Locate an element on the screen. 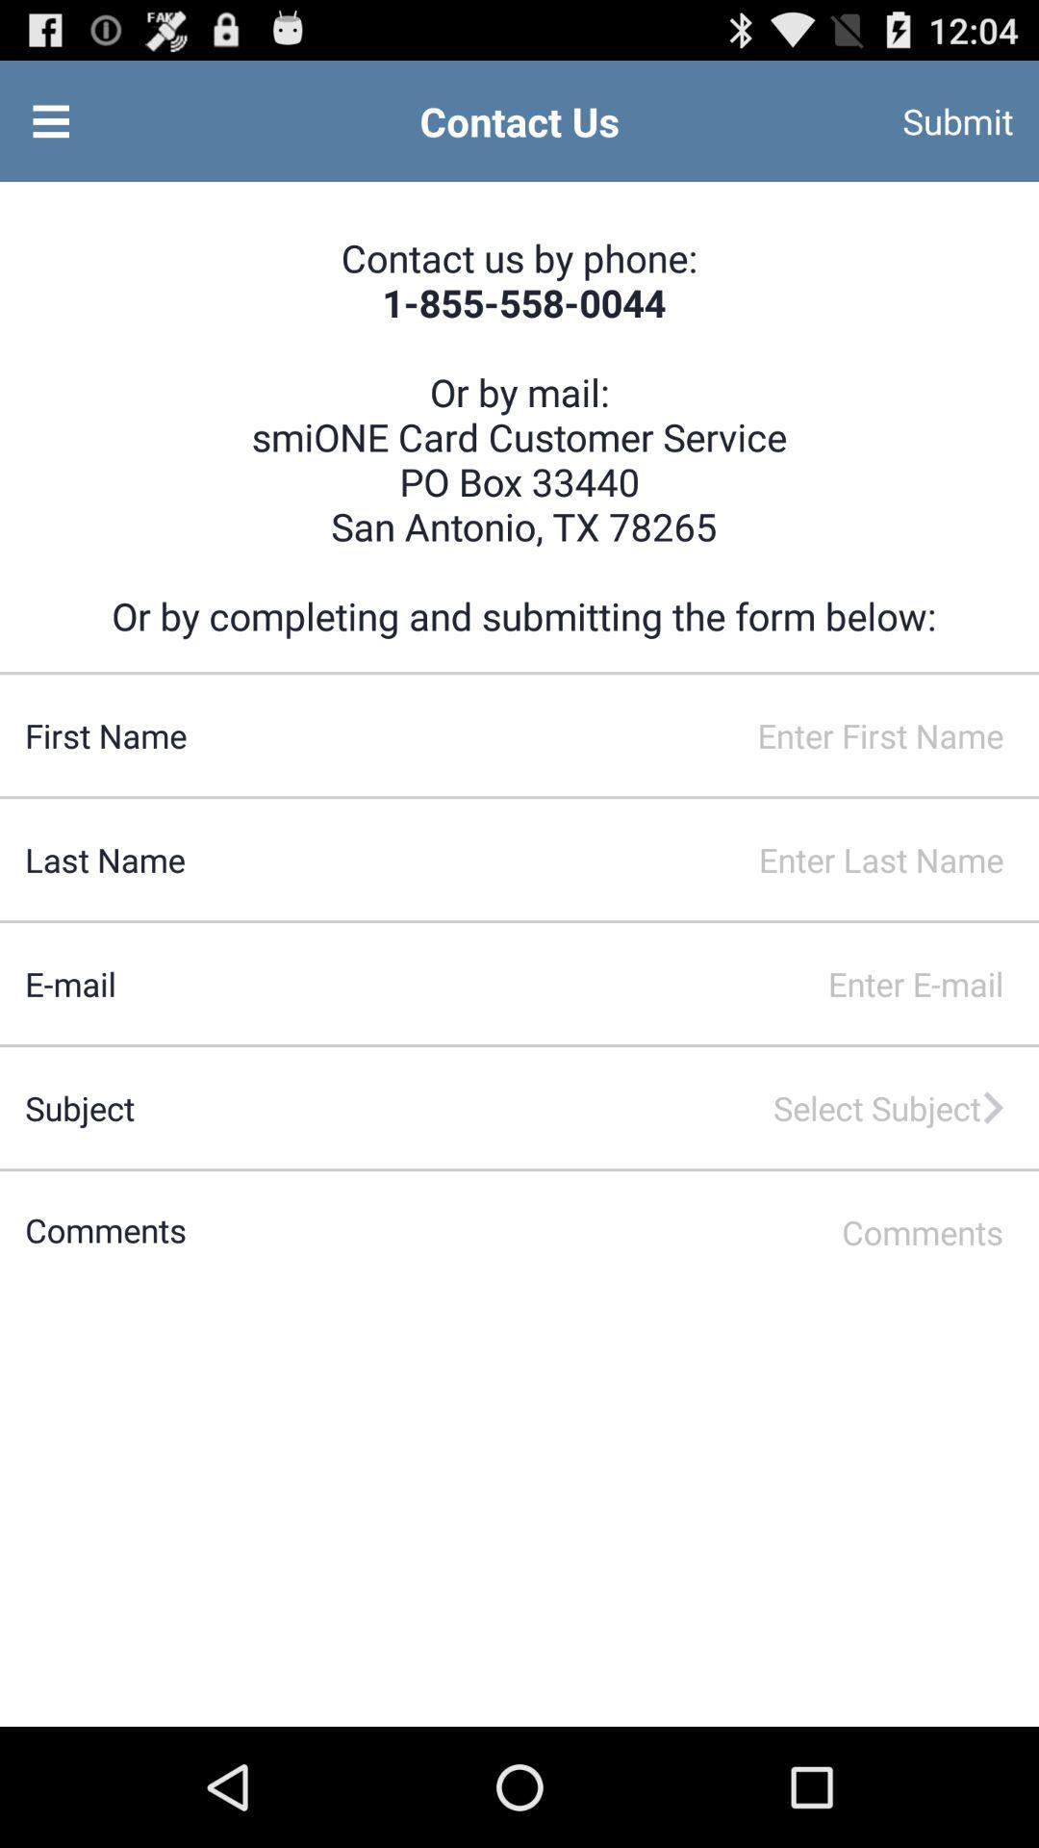 The width and height of the screenshot is (1039, 1848). input name is located at coordinates (613, 734).